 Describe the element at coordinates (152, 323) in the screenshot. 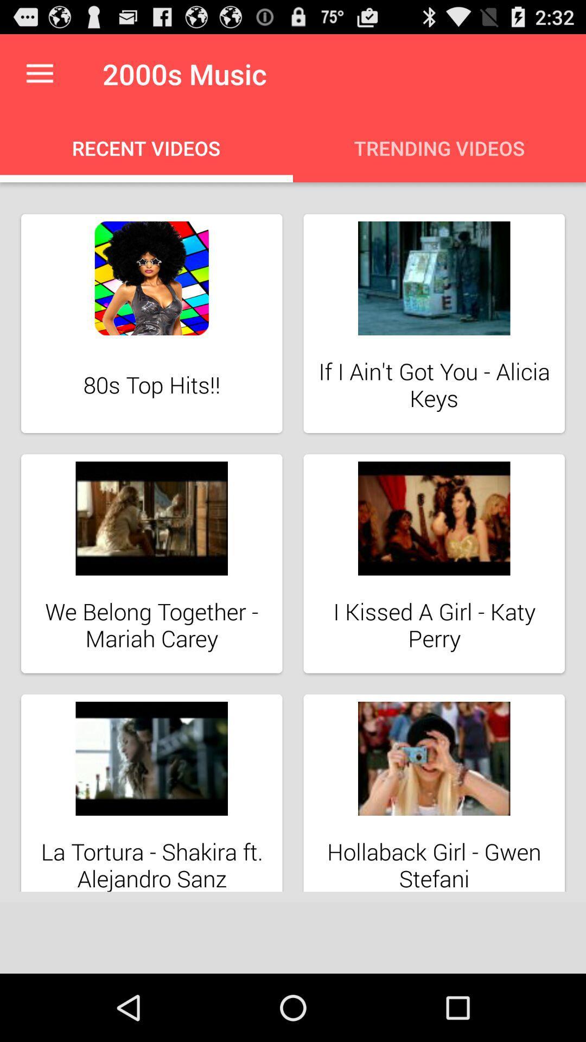

I see `the first option in recent videos` at that location.